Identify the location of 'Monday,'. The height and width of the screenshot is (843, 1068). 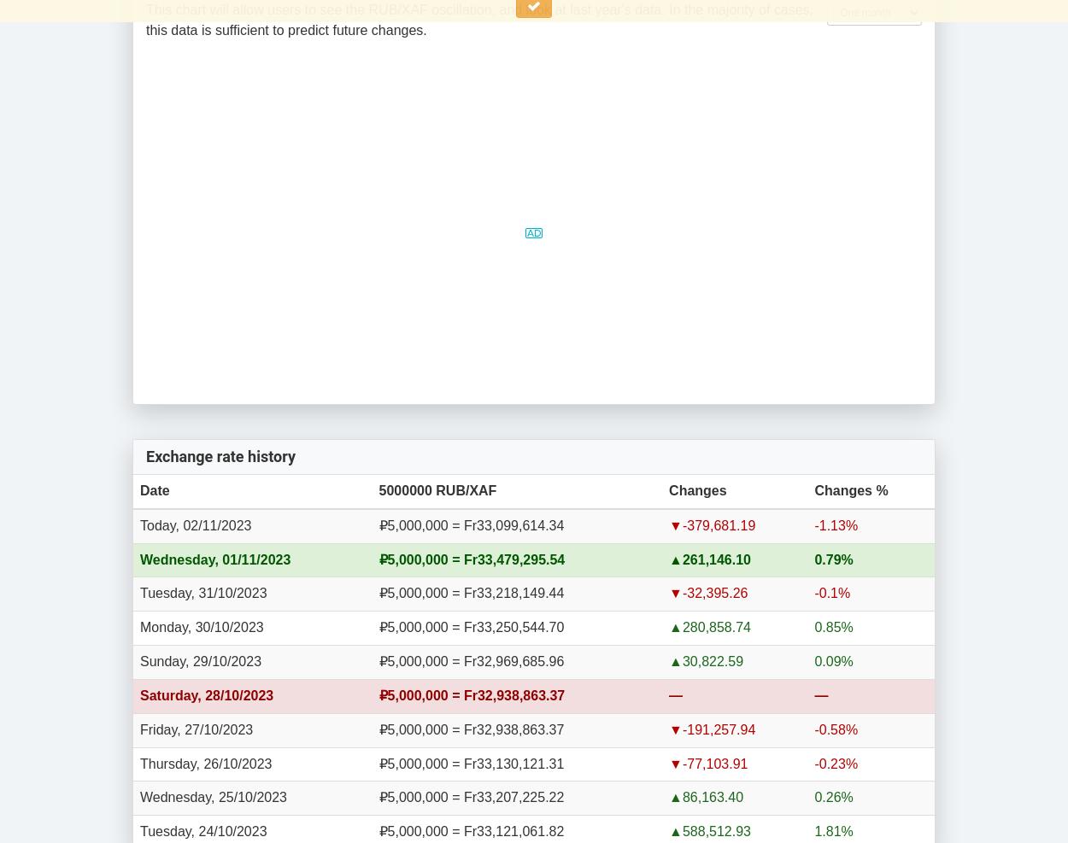
(167, 626).